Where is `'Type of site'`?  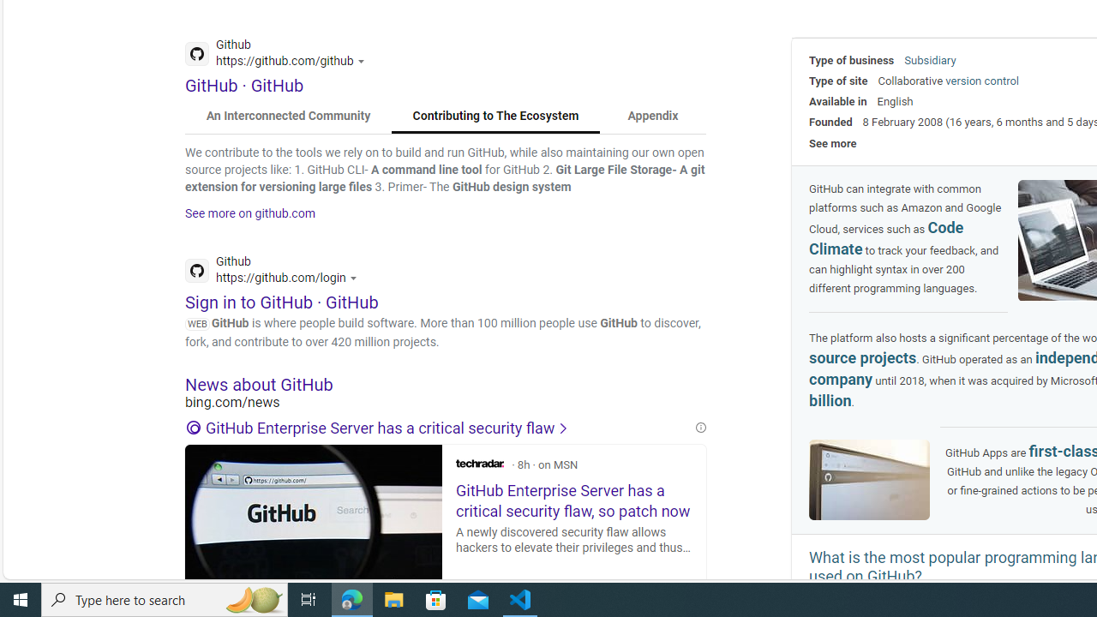 'Type of site' is located at coordinates (838, 81).